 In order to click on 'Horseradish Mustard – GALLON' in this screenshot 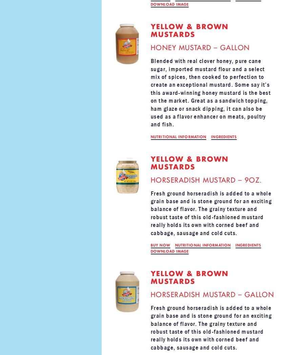, I will do `click(212, 294)`.